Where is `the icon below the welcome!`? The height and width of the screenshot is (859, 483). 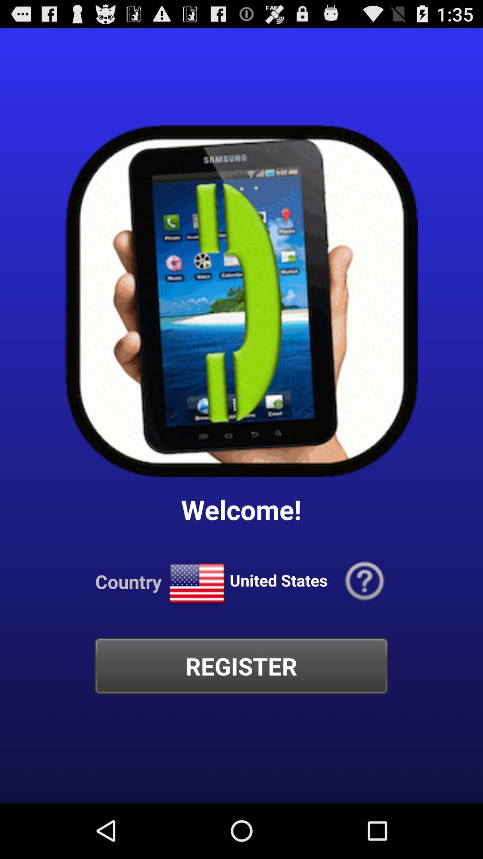 the icon below the welcome! is located at coordinates (196, 584).